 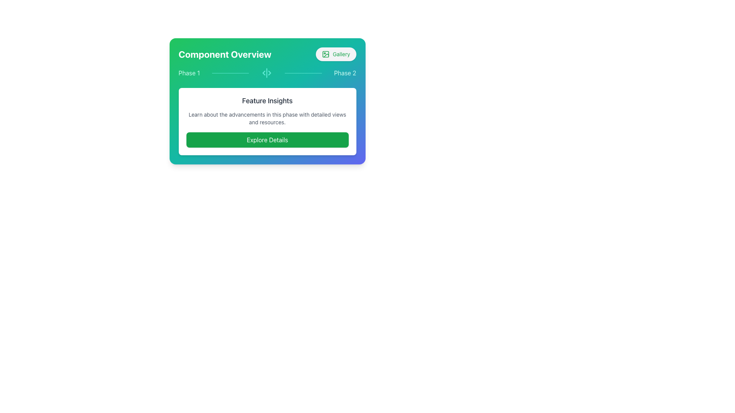 I want to click on the icon part of the button located in the top-right corner of the component's header bar, so click(x=326, y=54).